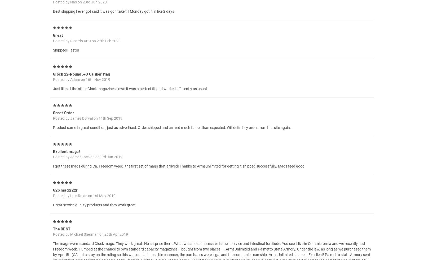 The image size is (424, 260). Describe the element at coordinates (53, 41) in the screenshot. I see `'Great'` at that location.